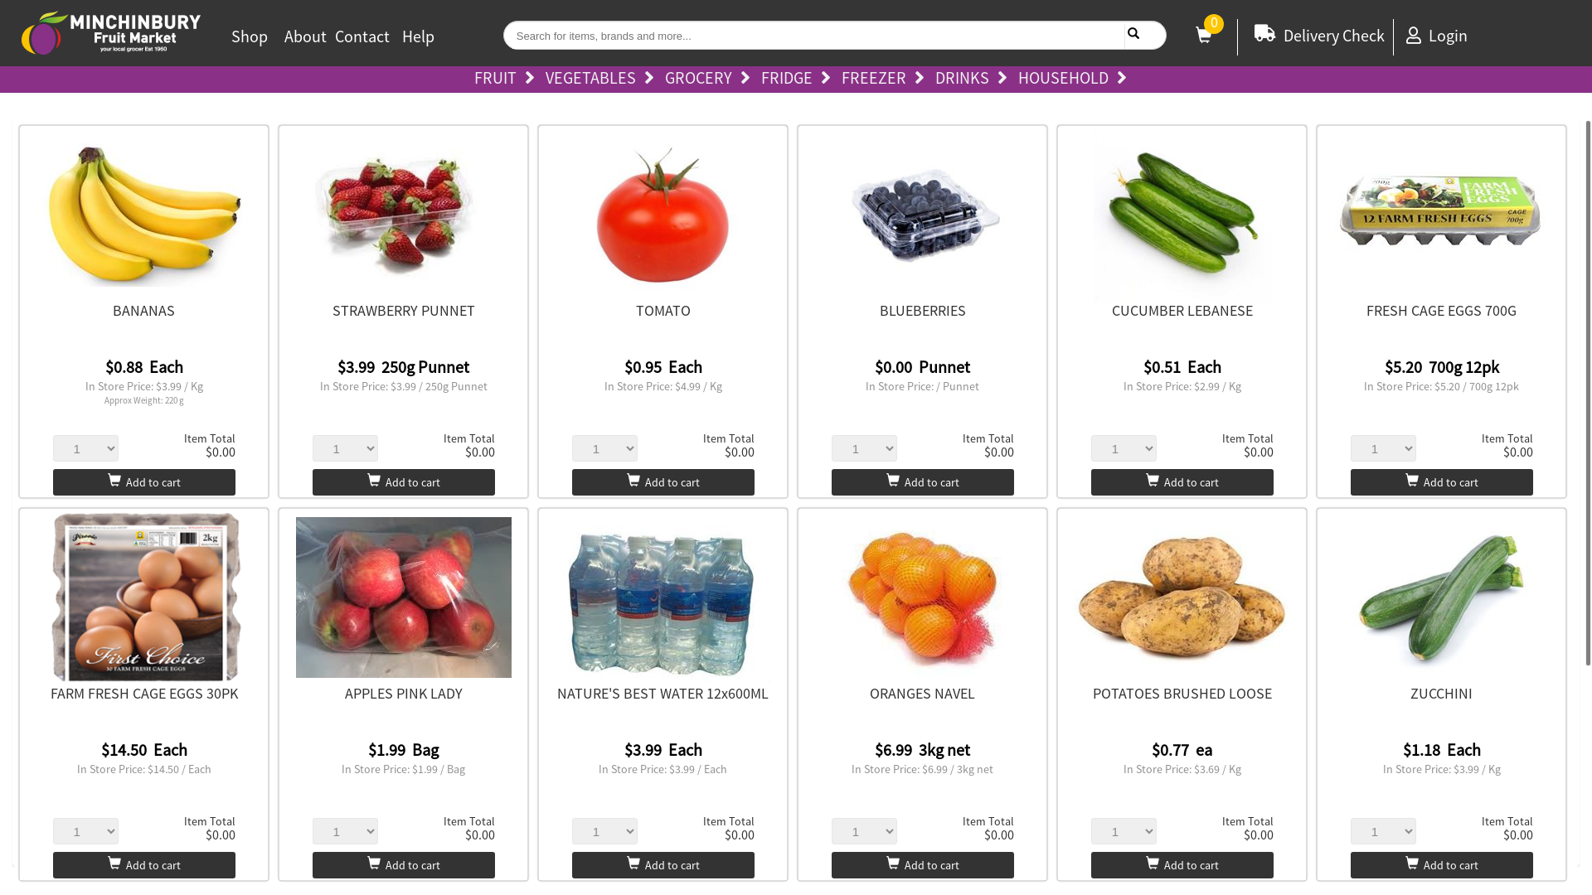 The image size is (1592, 895). What do you see at coordinates (230, 36) in the screenshot?
I see `'Shop'` at bounding box center [230, 36].